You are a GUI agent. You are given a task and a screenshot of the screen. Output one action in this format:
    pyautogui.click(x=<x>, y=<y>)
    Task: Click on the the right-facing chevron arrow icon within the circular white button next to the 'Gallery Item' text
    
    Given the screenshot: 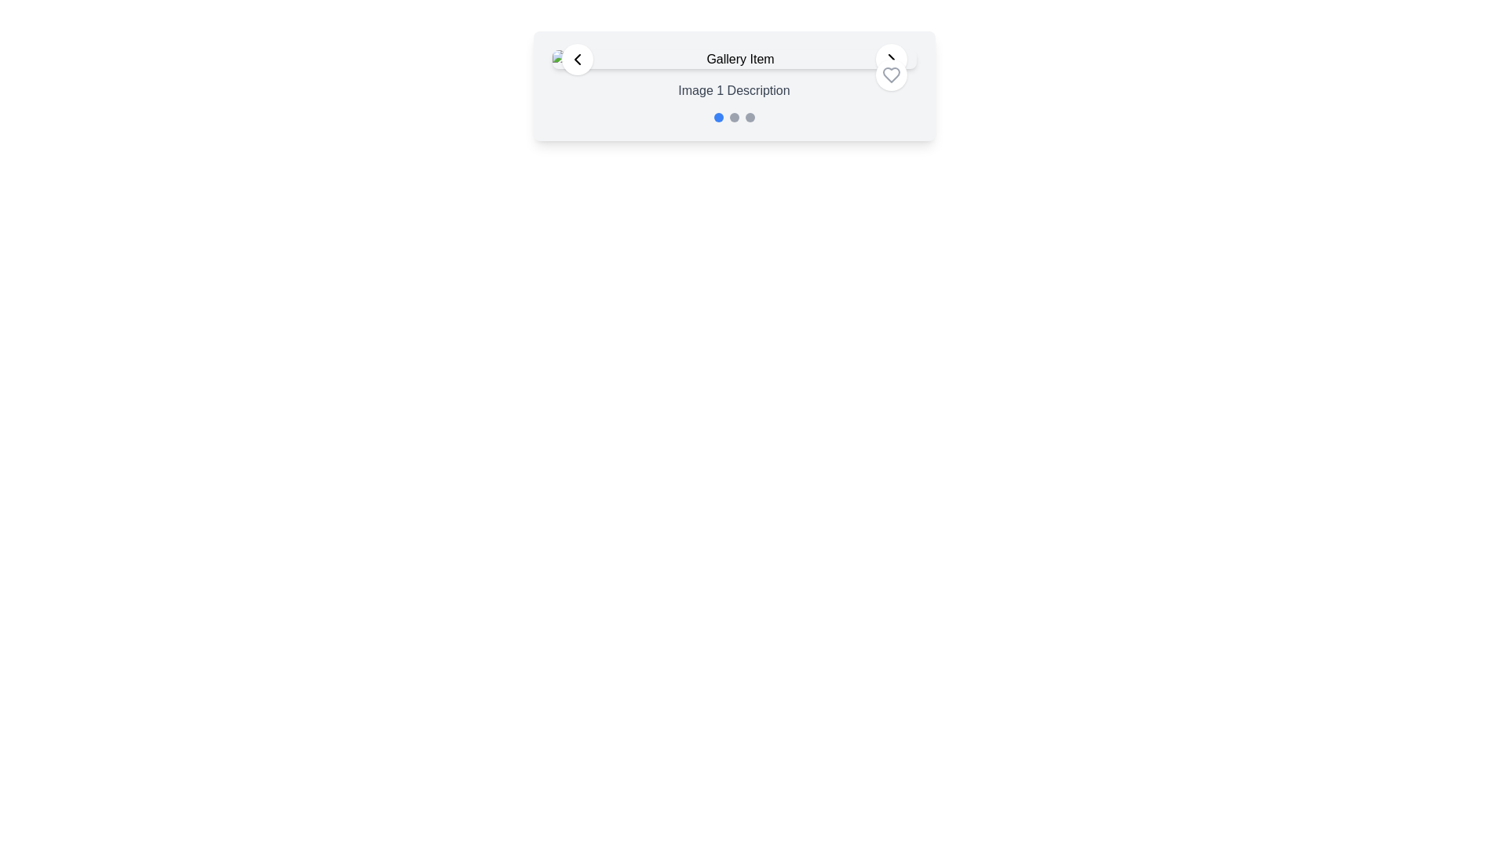 What is the action you would take?
    pyautogui.click(x=891, y=59)
    